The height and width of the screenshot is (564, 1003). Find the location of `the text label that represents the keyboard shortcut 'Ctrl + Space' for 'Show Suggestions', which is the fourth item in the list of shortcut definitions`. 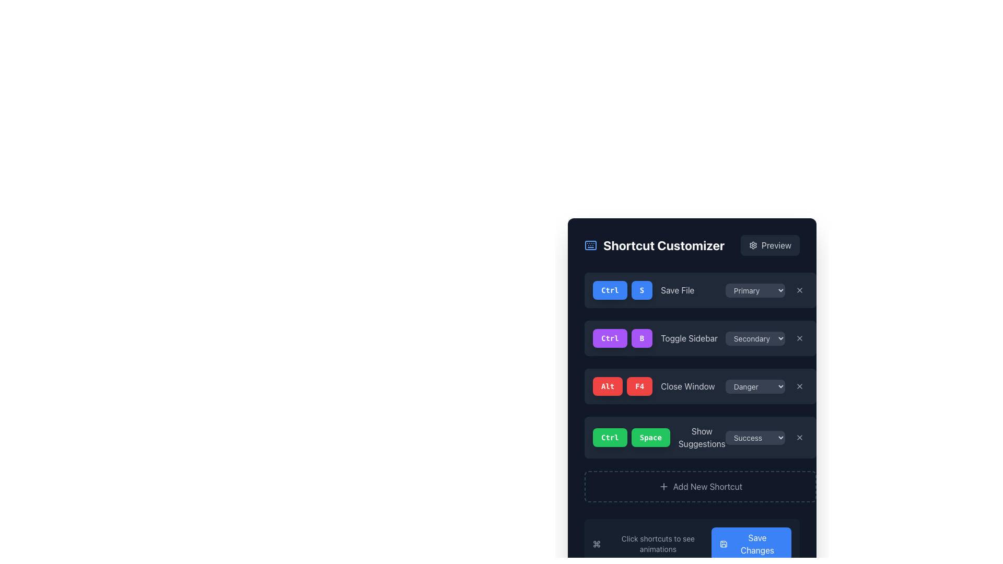

the text label that represents the keyboard shortcut 'Ctrl + Space' for 'Show Suggestions', which is the fourth item in the list of shortcut definitions is located at coordinates (658, 437).